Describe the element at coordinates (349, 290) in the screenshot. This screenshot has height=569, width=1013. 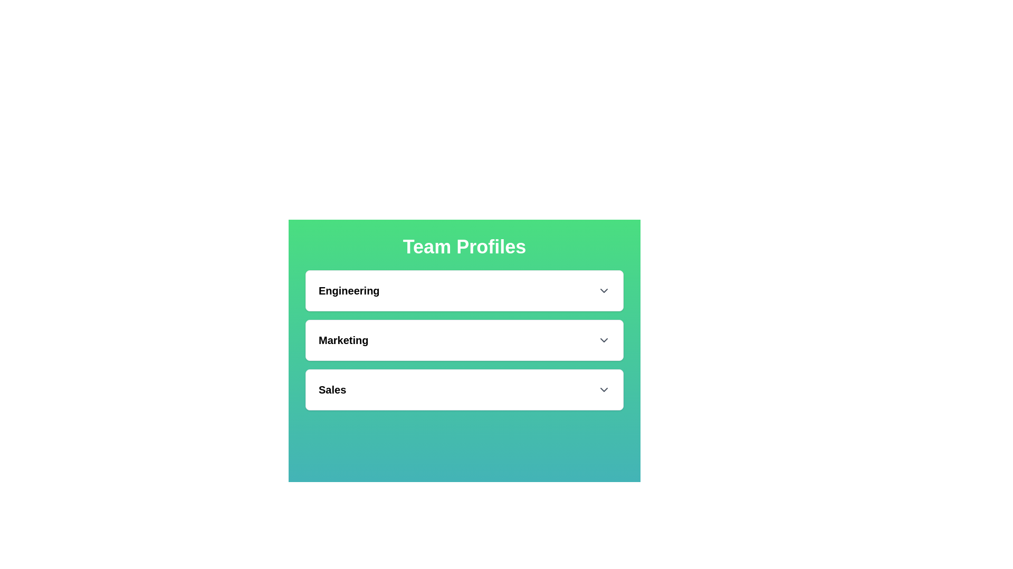
I see `the 'Engineering' category text label, which serves as a title for the dropdown menu and is aligned to the left of the downward arrow icon` at that location.